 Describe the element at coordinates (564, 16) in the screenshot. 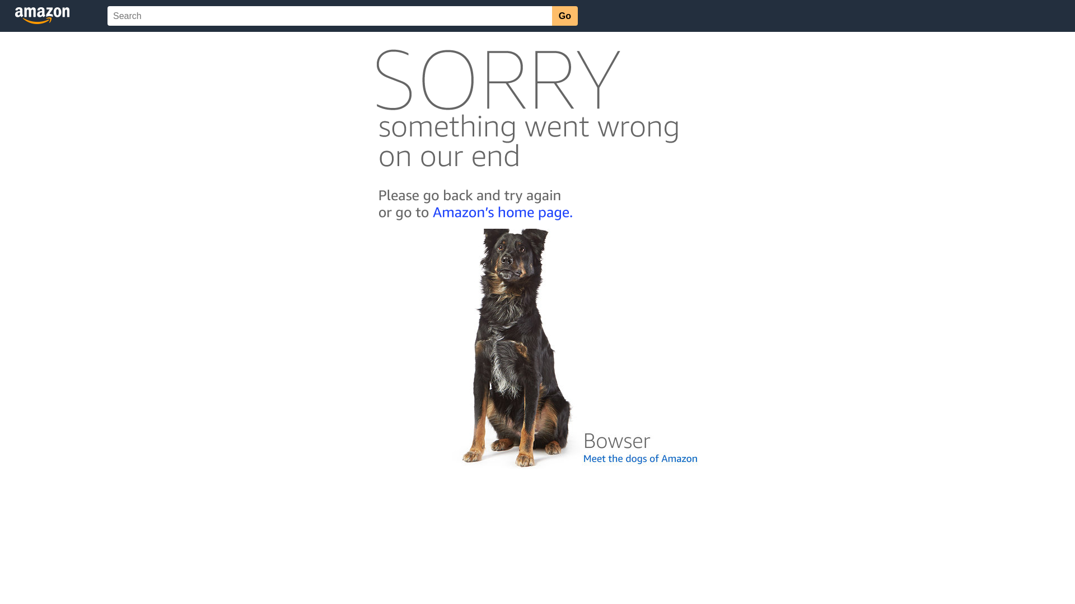

I see `'Go'` at that location.